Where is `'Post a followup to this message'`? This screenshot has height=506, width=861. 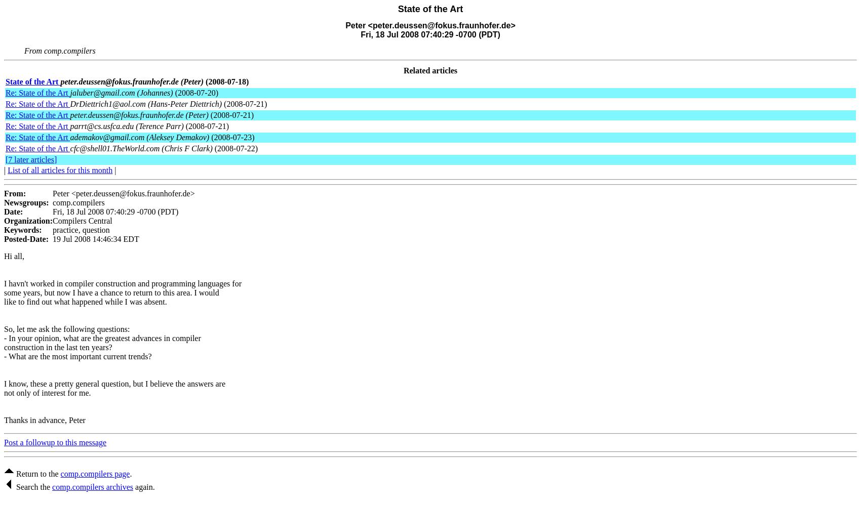
'Post a followup to this message' is located at coordinates (54, 441).